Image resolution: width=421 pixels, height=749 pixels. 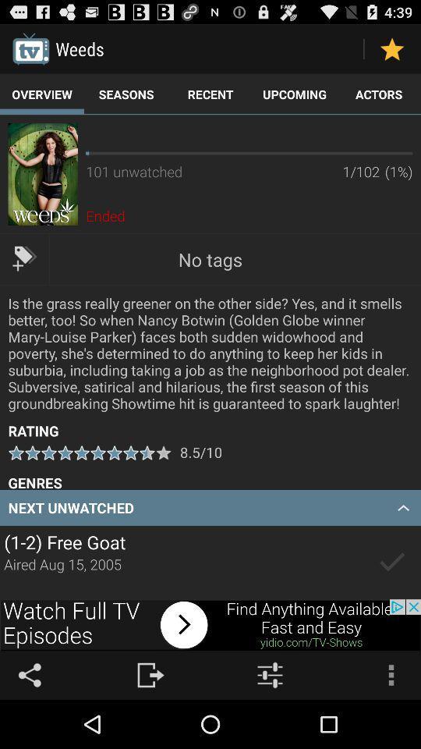 What do you see at coordinates (391, 562) in the screenshot?
I see `the tv series` at bounding box center [391, 562].